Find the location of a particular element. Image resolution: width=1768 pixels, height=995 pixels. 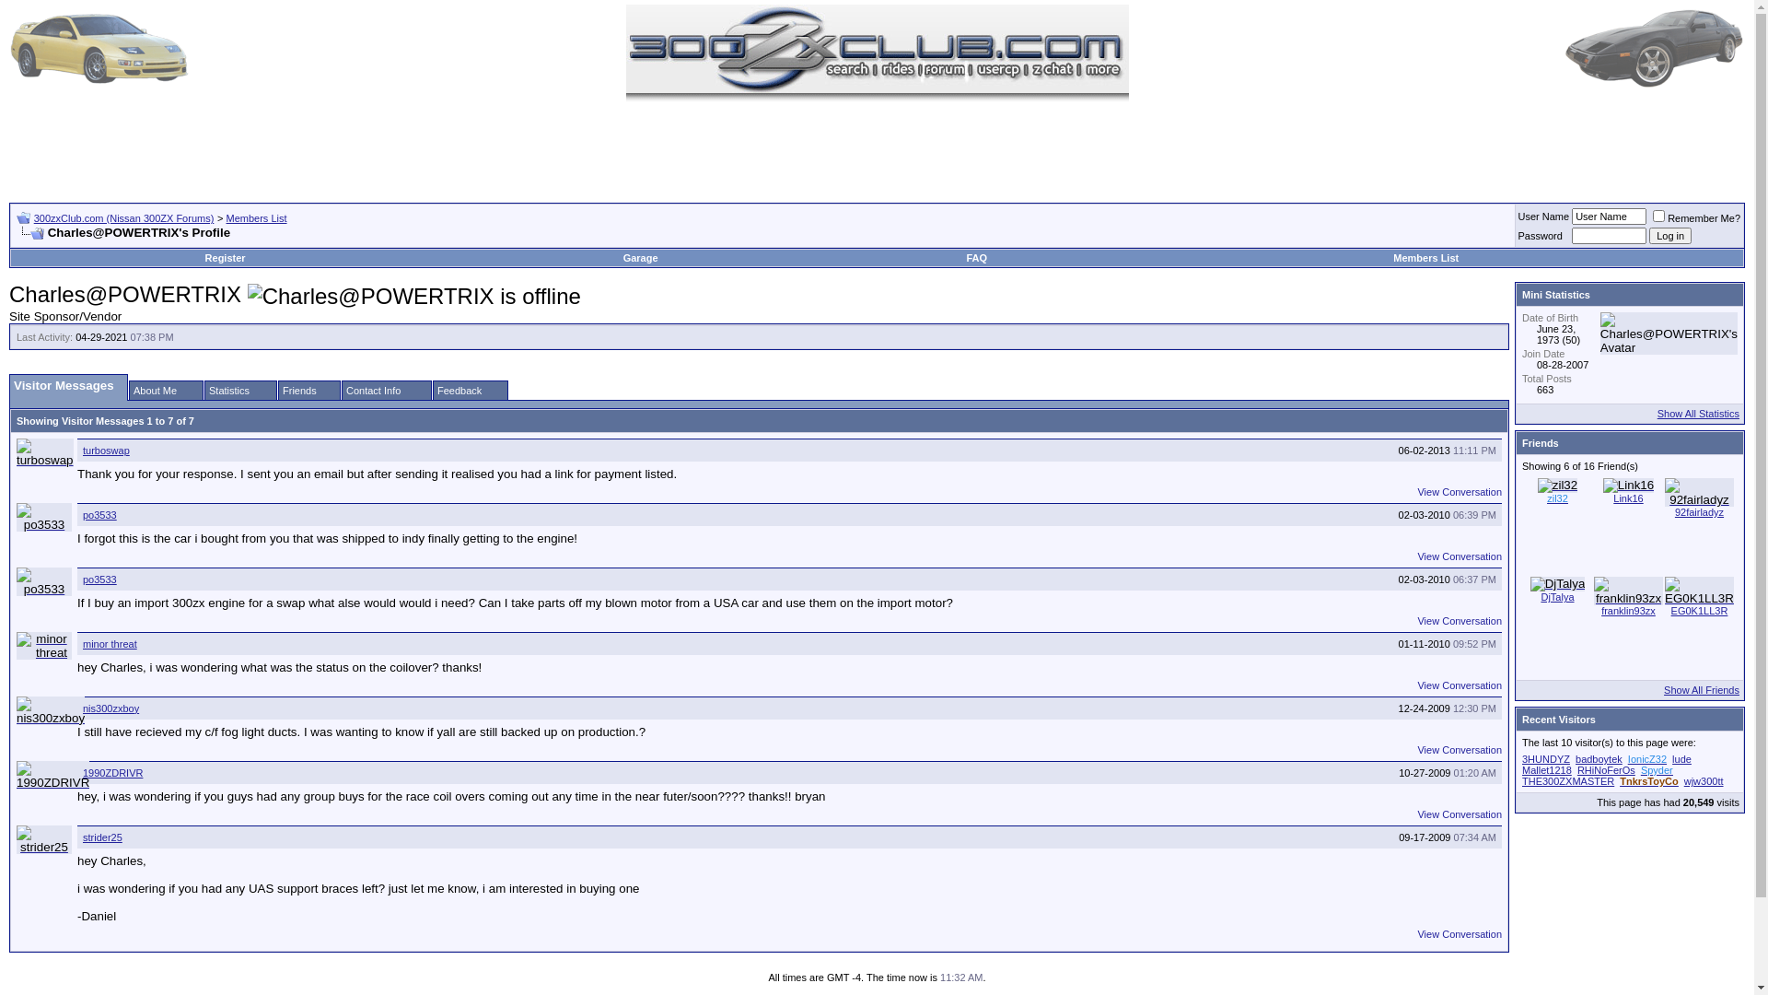

'300zxClub.com (Nissan 300ZX Forums)' is located at coordinates (122, 217).